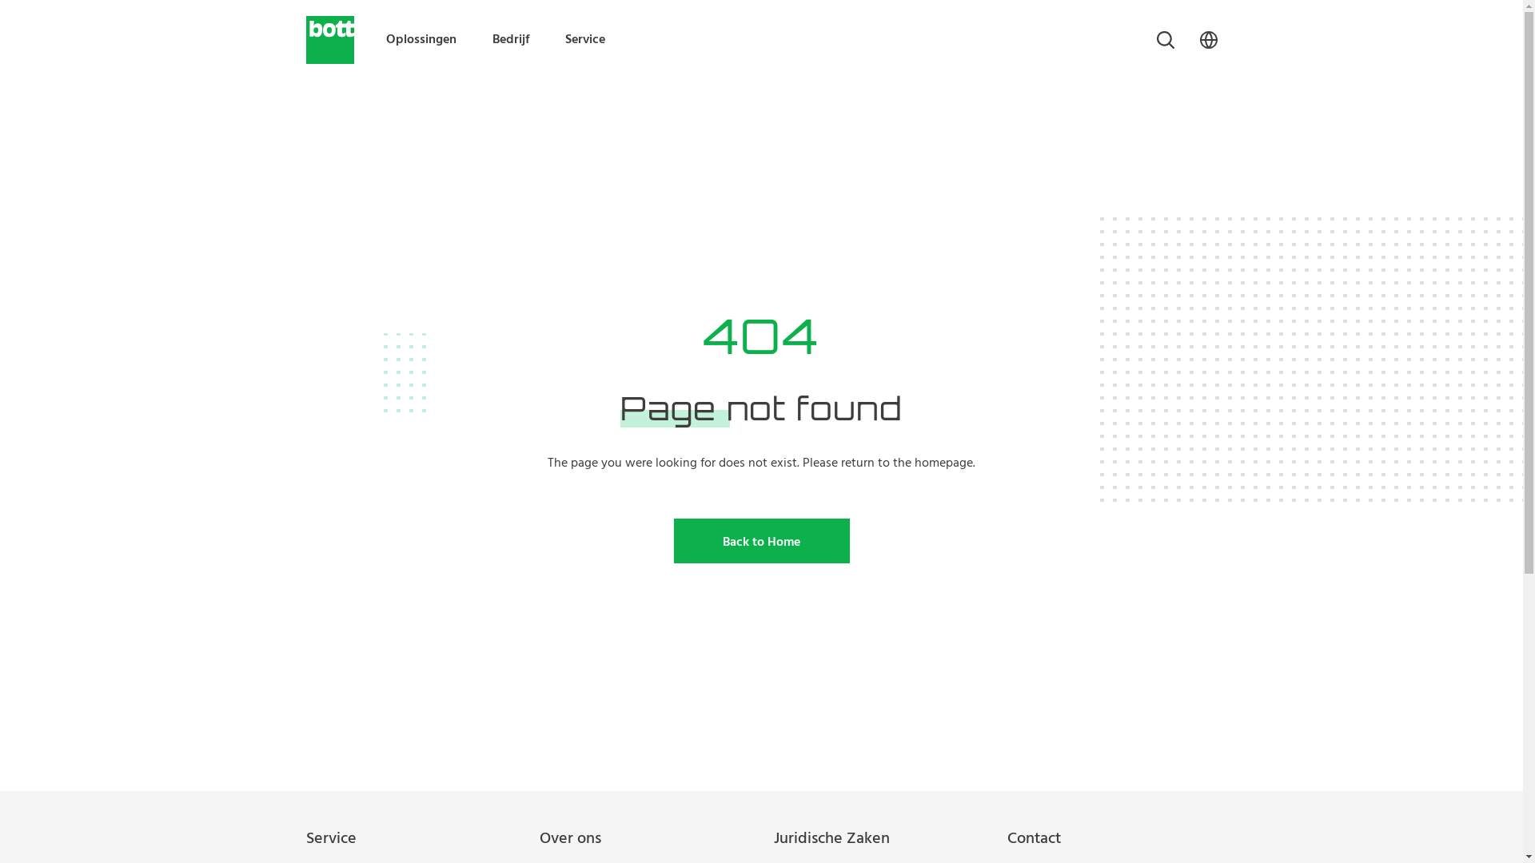 The height and width of the screenshot is (863, 1535). I want to click on 'Bedrijf', so click(509, 39).